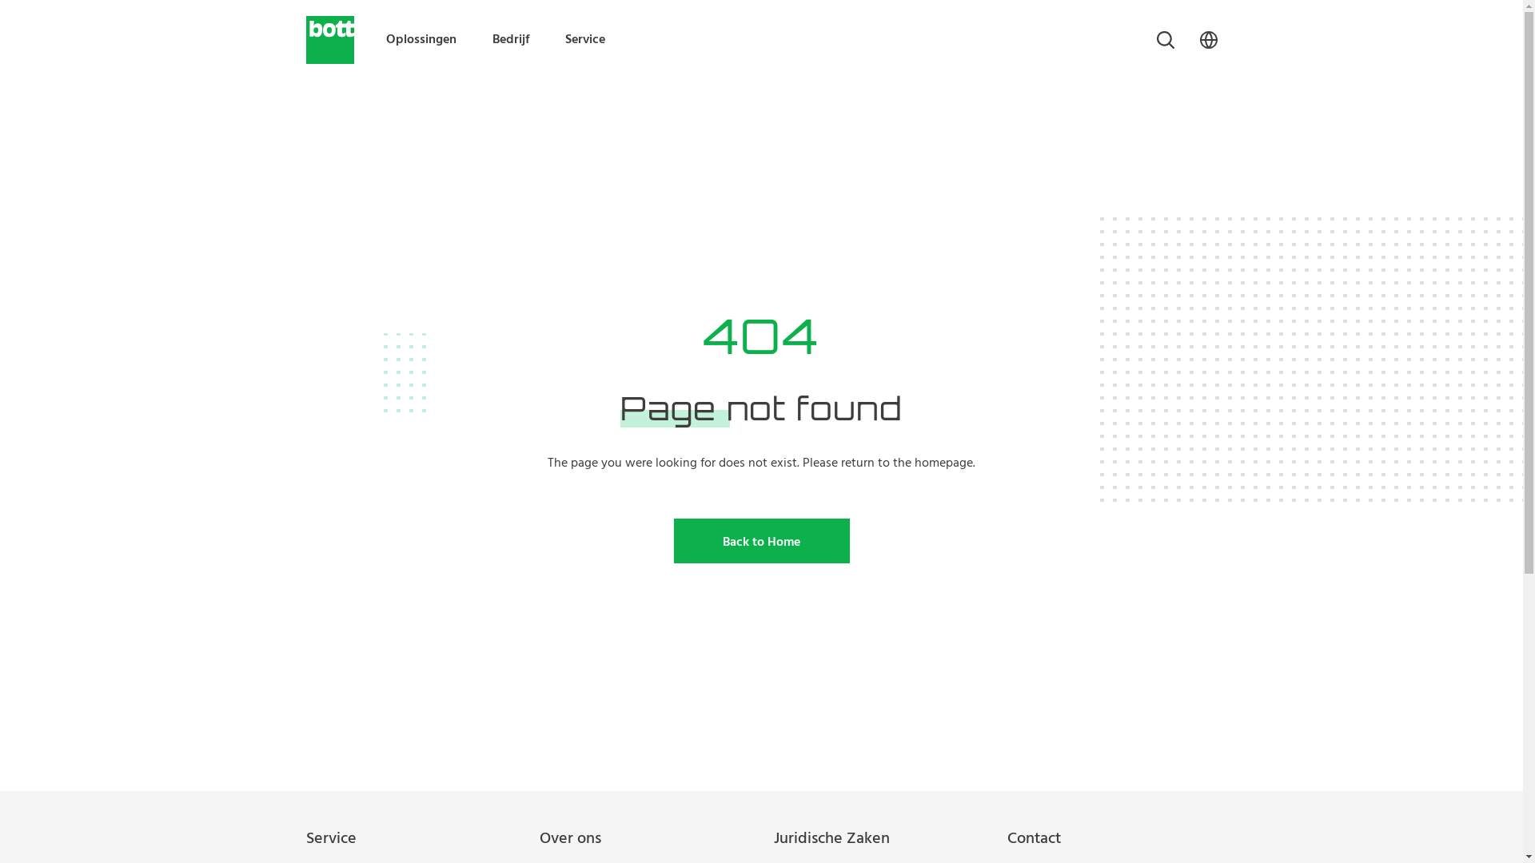 The height and width of the screenshot is (863, 1535). I want to click on 'Bedrijf', so click(509, 39).